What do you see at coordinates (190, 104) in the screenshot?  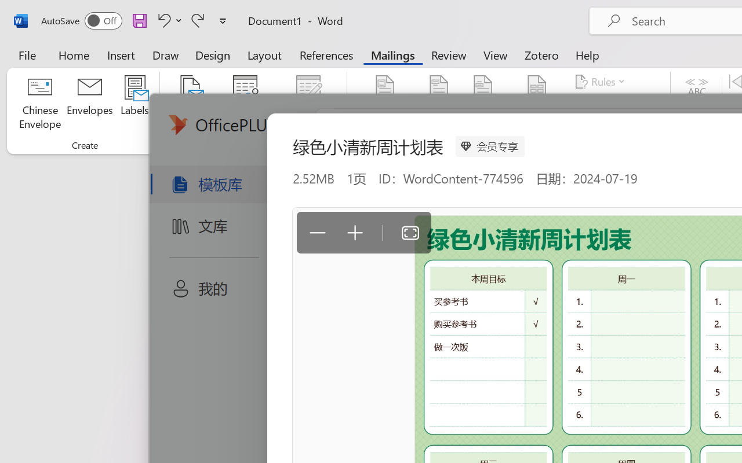 I see `'Start Mail Merge'` at bounding box center [190, 104].